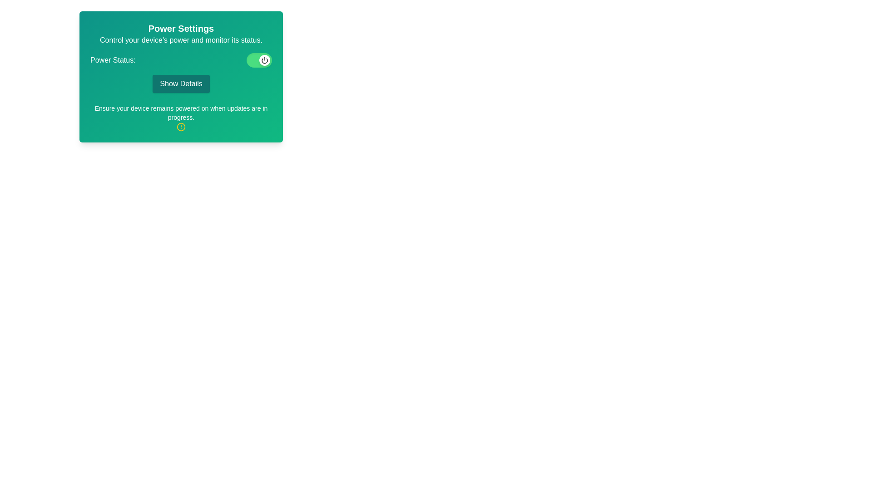  What do you see at coordinates (181, 127) in the screenshot?
I see `the warning icon that indicates the importance of keeping the device powered on during updates, located below the message about device power` at bounding box center [181, 127].